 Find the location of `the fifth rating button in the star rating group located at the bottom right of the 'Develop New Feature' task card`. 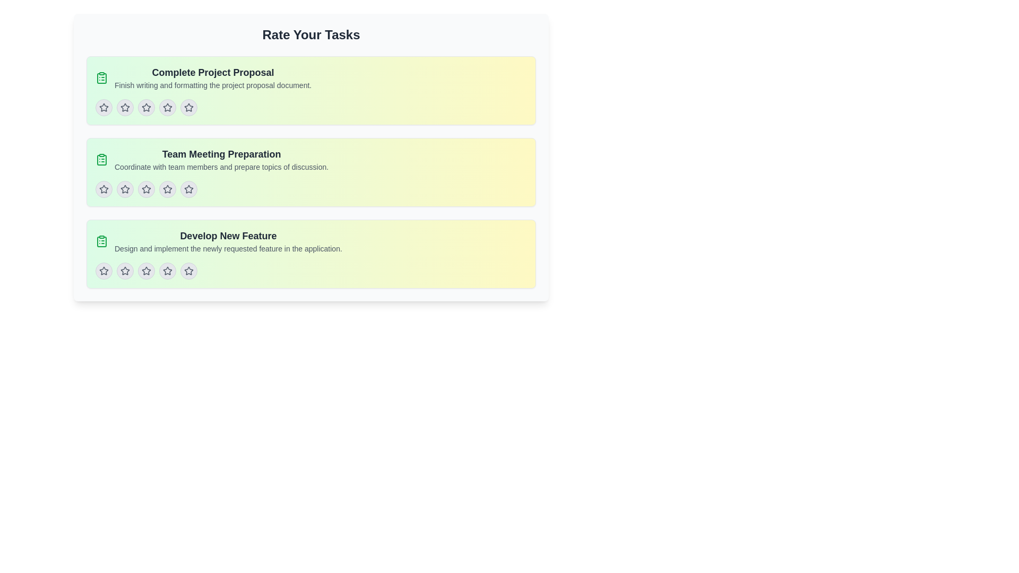

the fifth rating button in the star rating group located at the bottom right of the 'Develop New Feature' task card is located at coordinates (188, 270).